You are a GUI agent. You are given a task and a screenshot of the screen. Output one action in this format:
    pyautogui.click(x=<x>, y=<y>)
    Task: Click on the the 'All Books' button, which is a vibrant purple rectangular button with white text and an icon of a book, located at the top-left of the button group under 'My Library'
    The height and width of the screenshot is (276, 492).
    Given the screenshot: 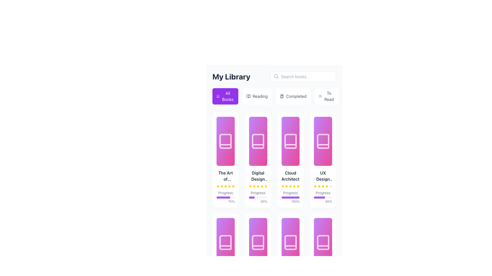 What is the action you would take?
    pyautogui.click(x=225, y=96)
    